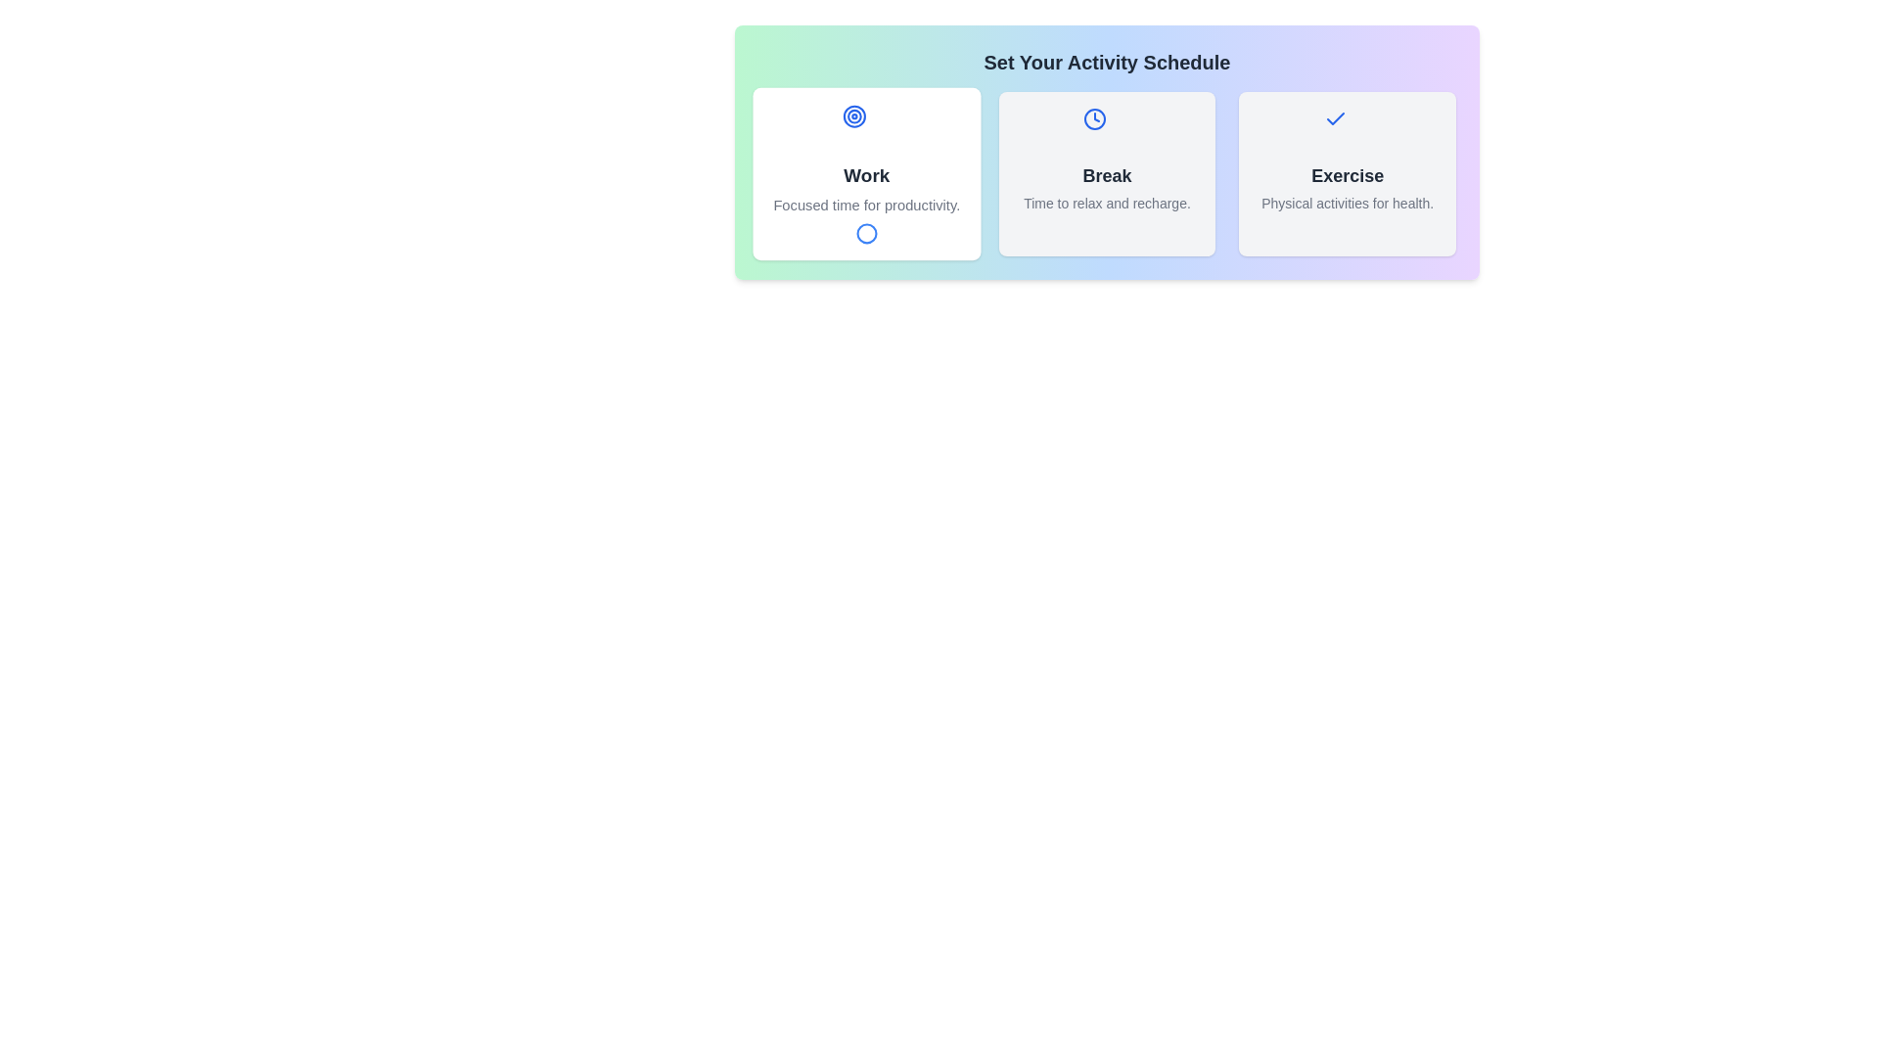 The width and height of the screenshot is (1879, 1057). What do you see at coordinates (1094, 119) in the screenshot?
I see `the 'Break' activity icon located in the middle card of the set of three cards, which symbolizes time or a clock` at bounding box center [1094, 119].